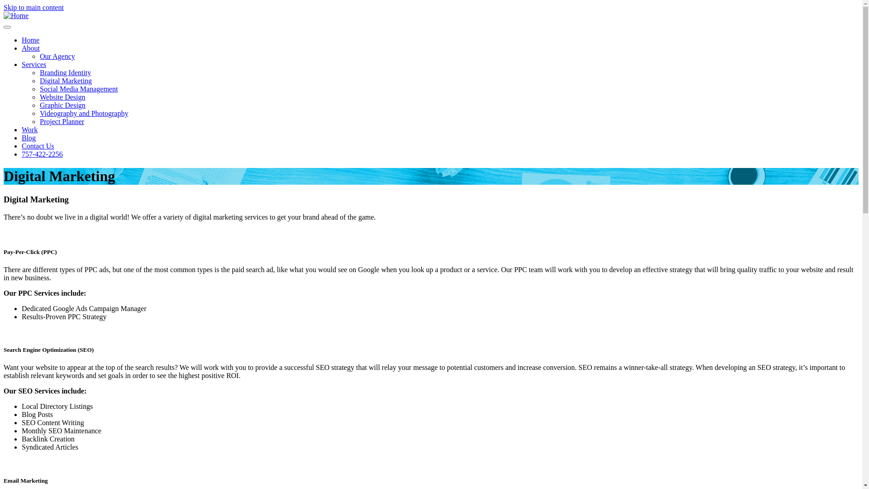  I want to click on 'About', so click(30, 48).